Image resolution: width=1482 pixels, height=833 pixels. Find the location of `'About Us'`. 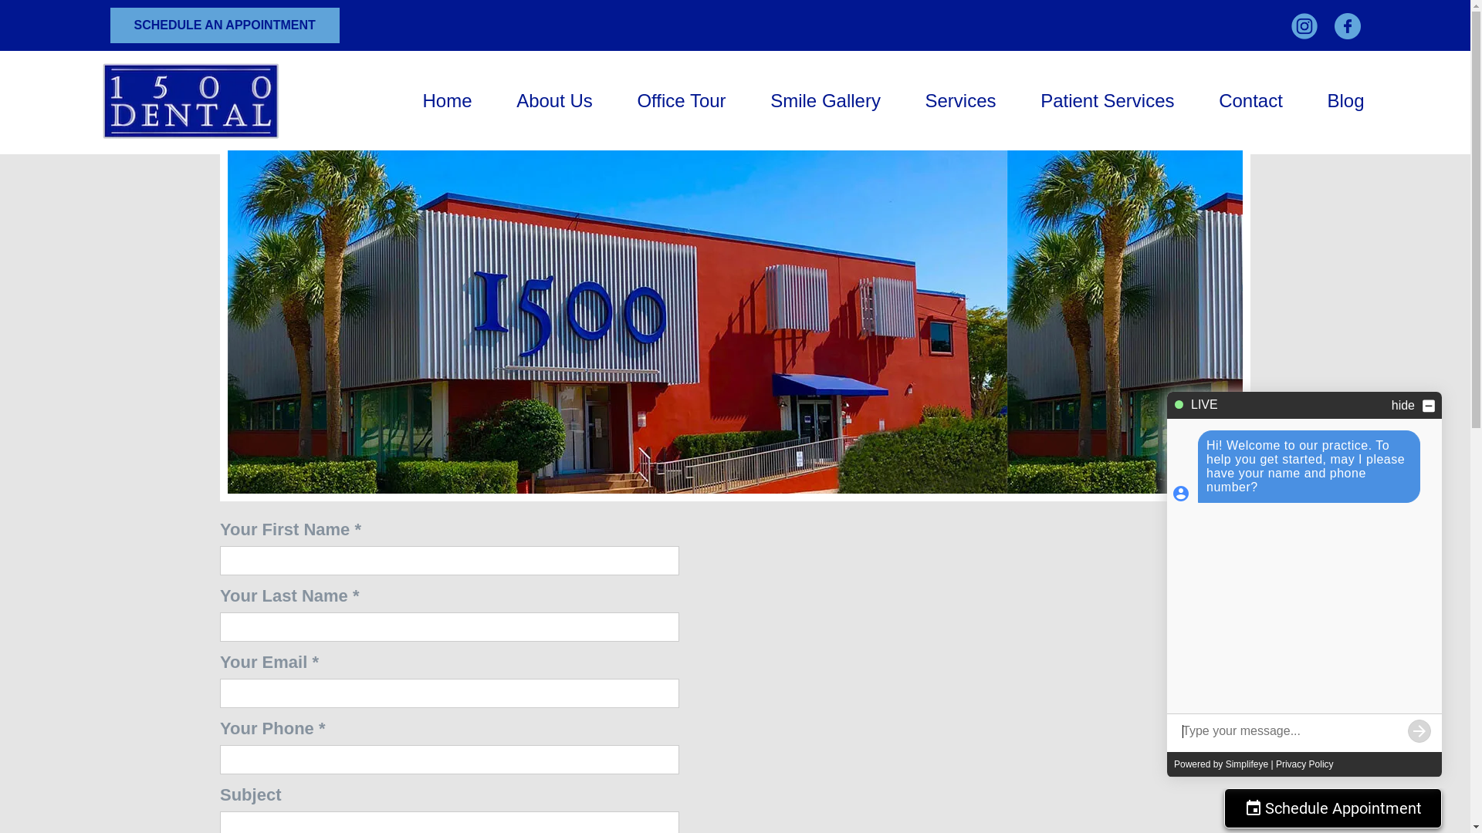

'About Us' is located at coordinates (554, 100).